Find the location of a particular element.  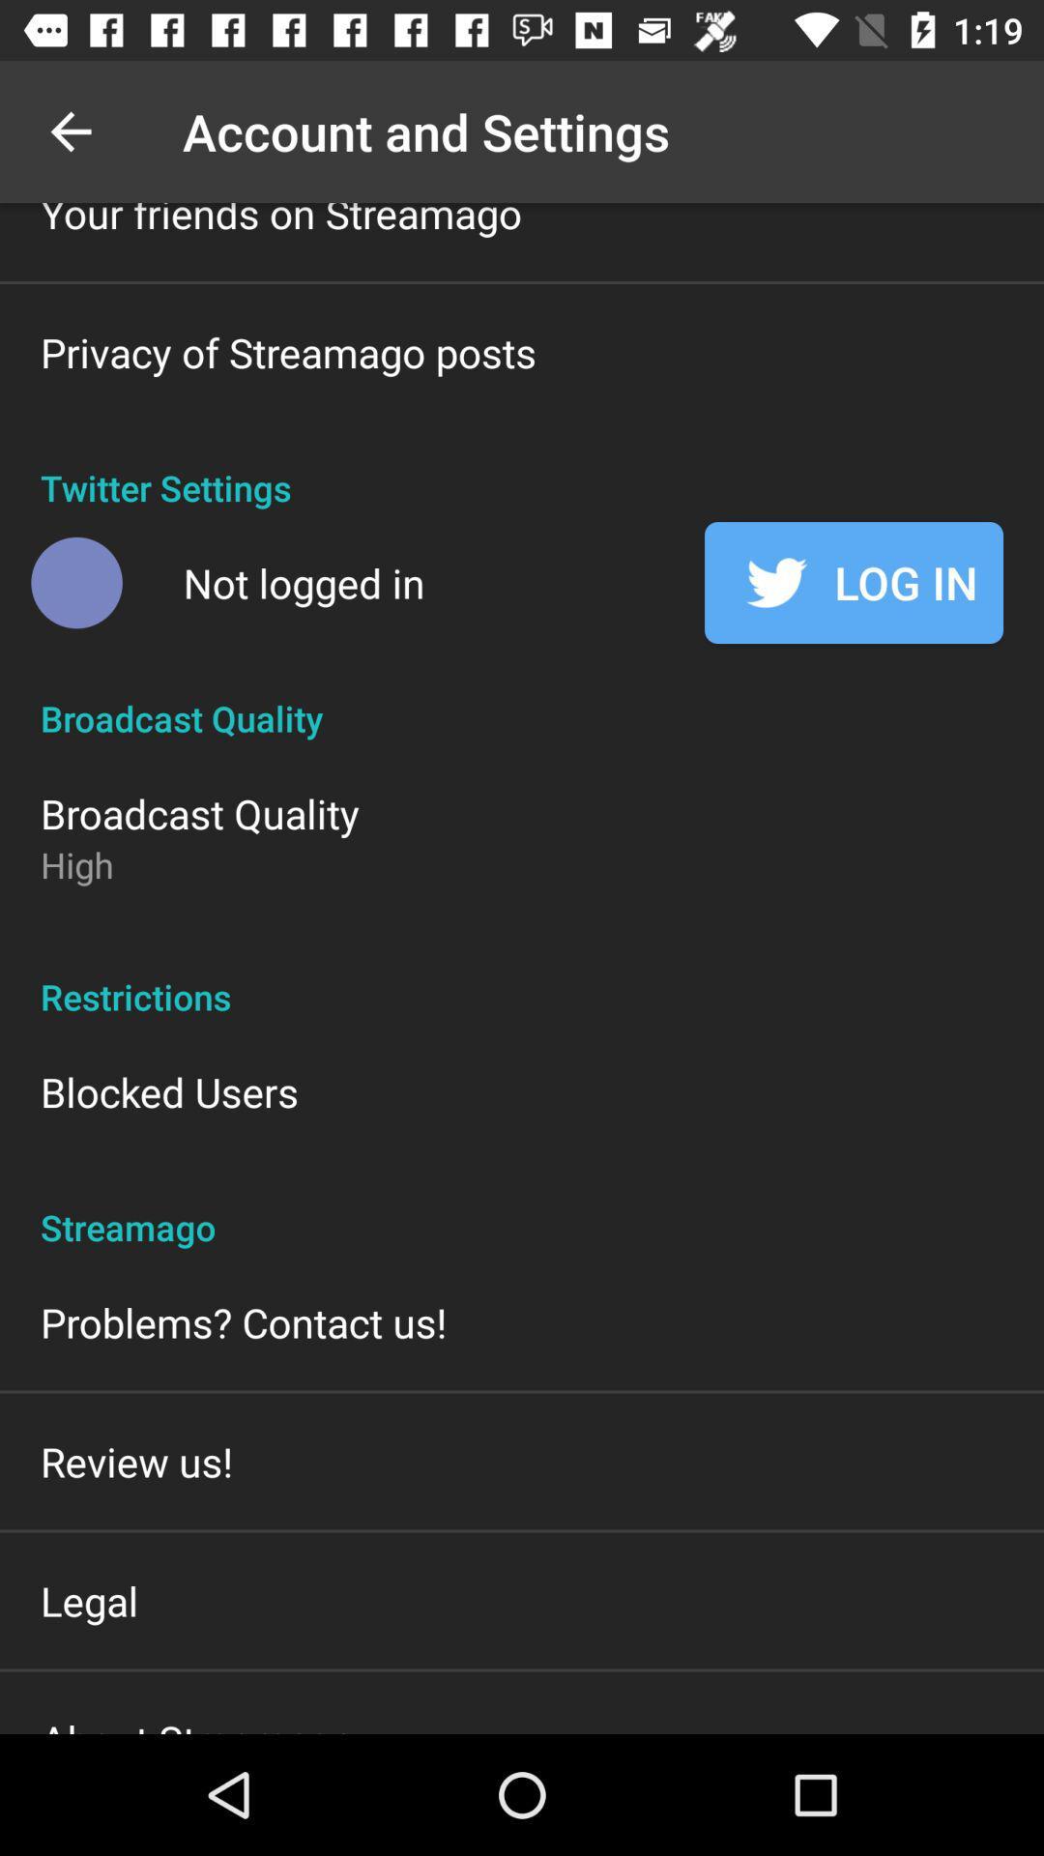

the item below the twitter settings is located at coordinates (853, 582).